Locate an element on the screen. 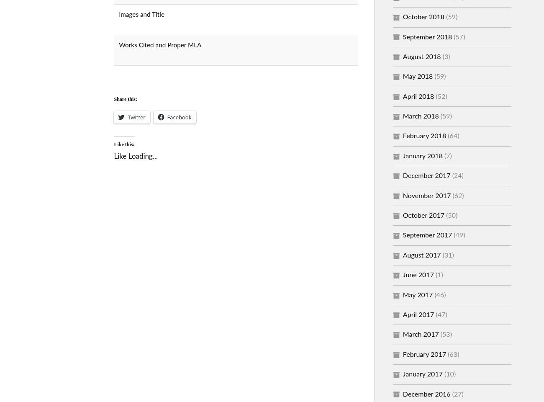 This screenshot has height=402, width=544. 'August 2018' is located at coordinates (421, 56).